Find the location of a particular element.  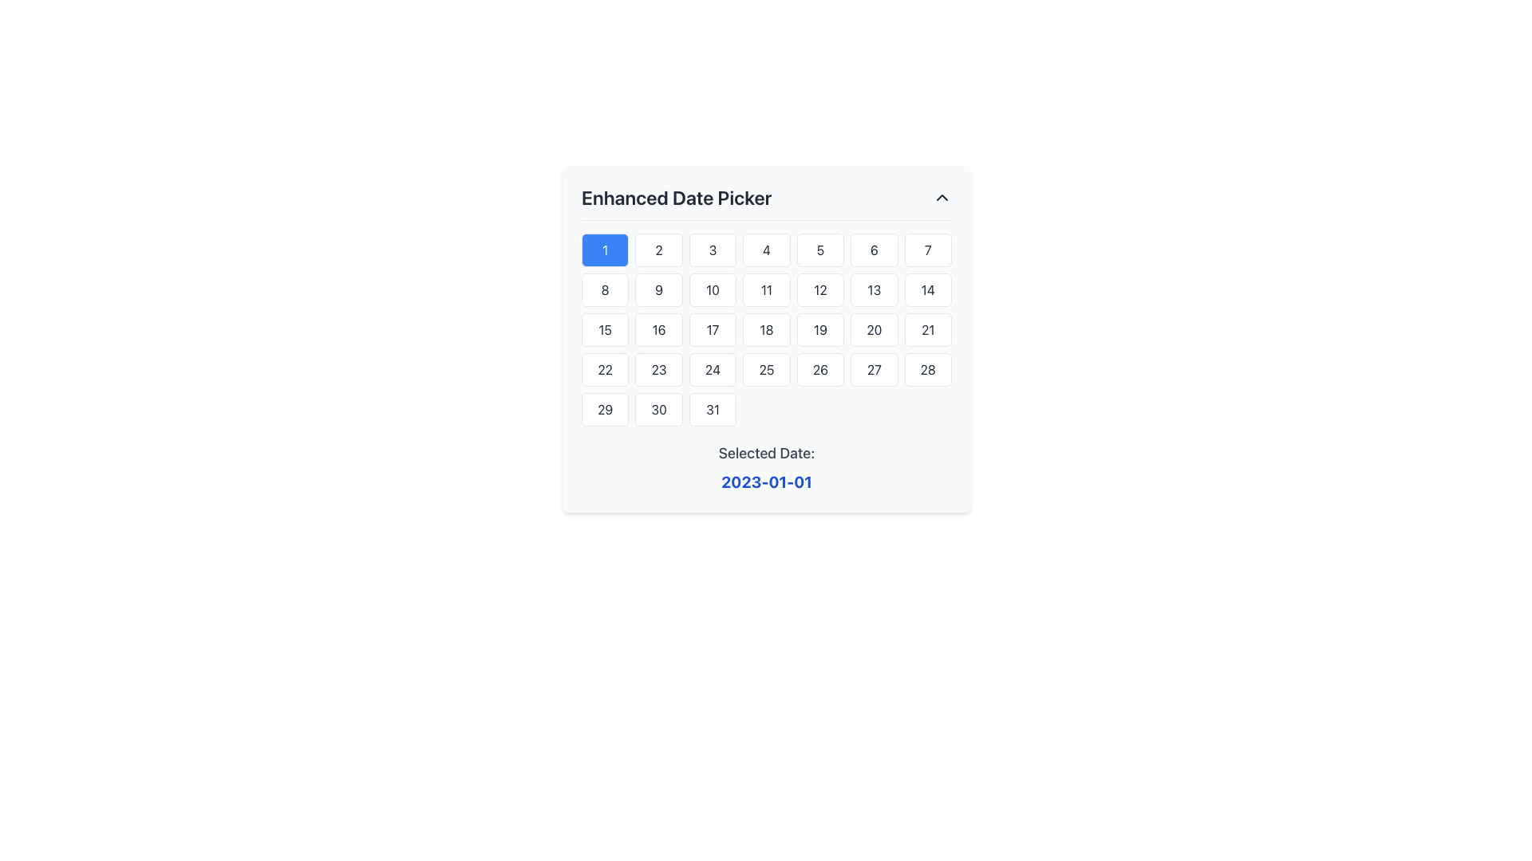

a specific day in the Date Picker UI Component, which is centered within a modal window is located at coordinates (766, 337).